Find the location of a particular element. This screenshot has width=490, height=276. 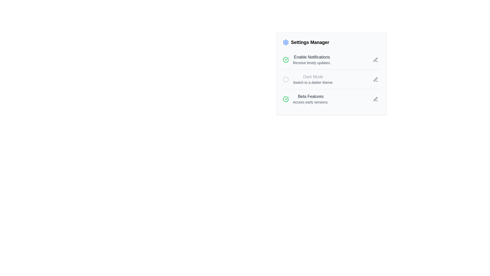

the pen icon button located on the rightmost side of the 'Enable Notifications' row is located at coordinates (376, 99).